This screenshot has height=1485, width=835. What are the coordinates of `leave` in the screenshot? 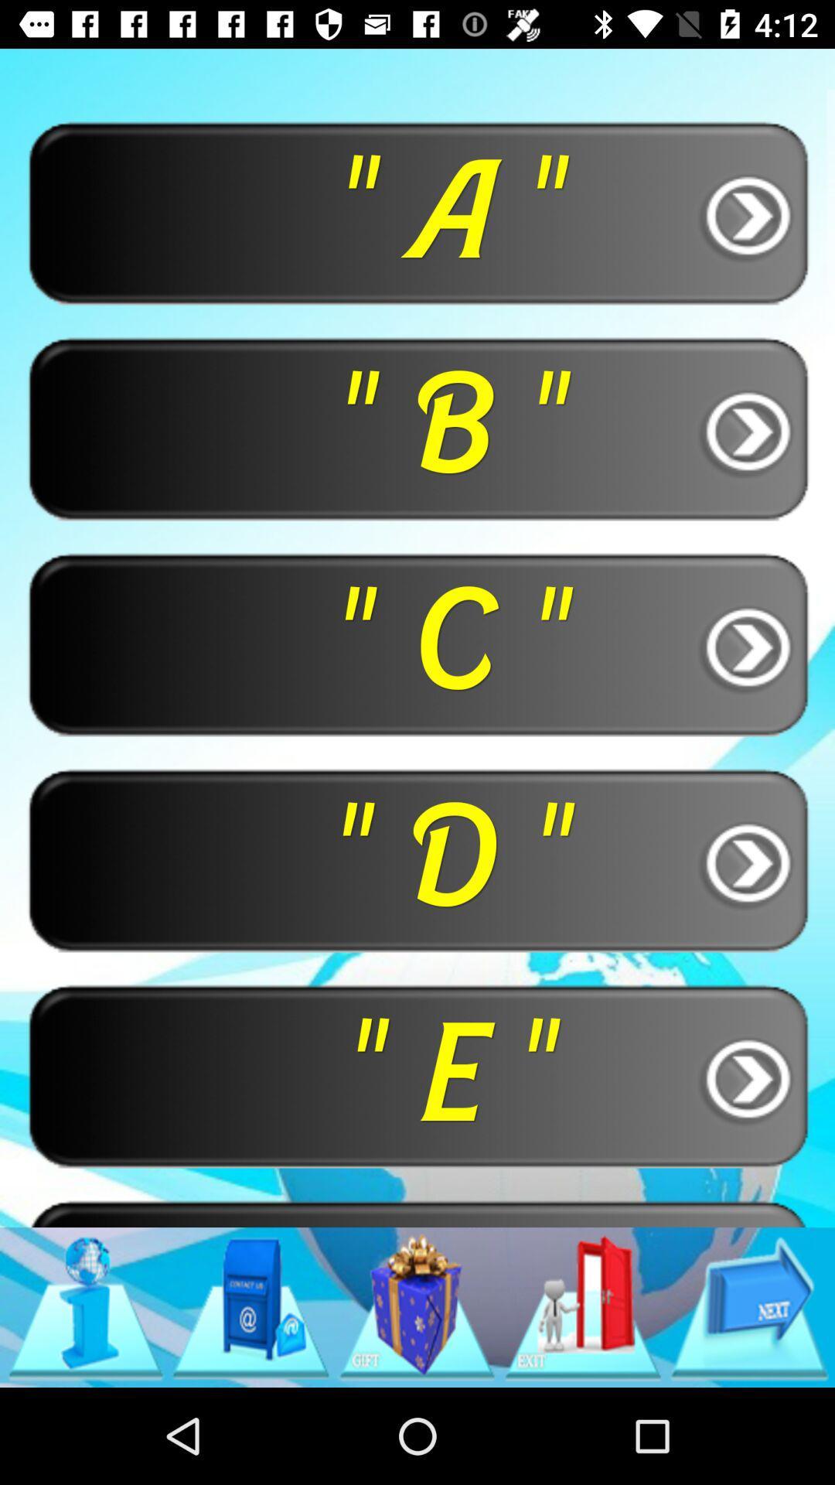 It's located at (583, 1306).